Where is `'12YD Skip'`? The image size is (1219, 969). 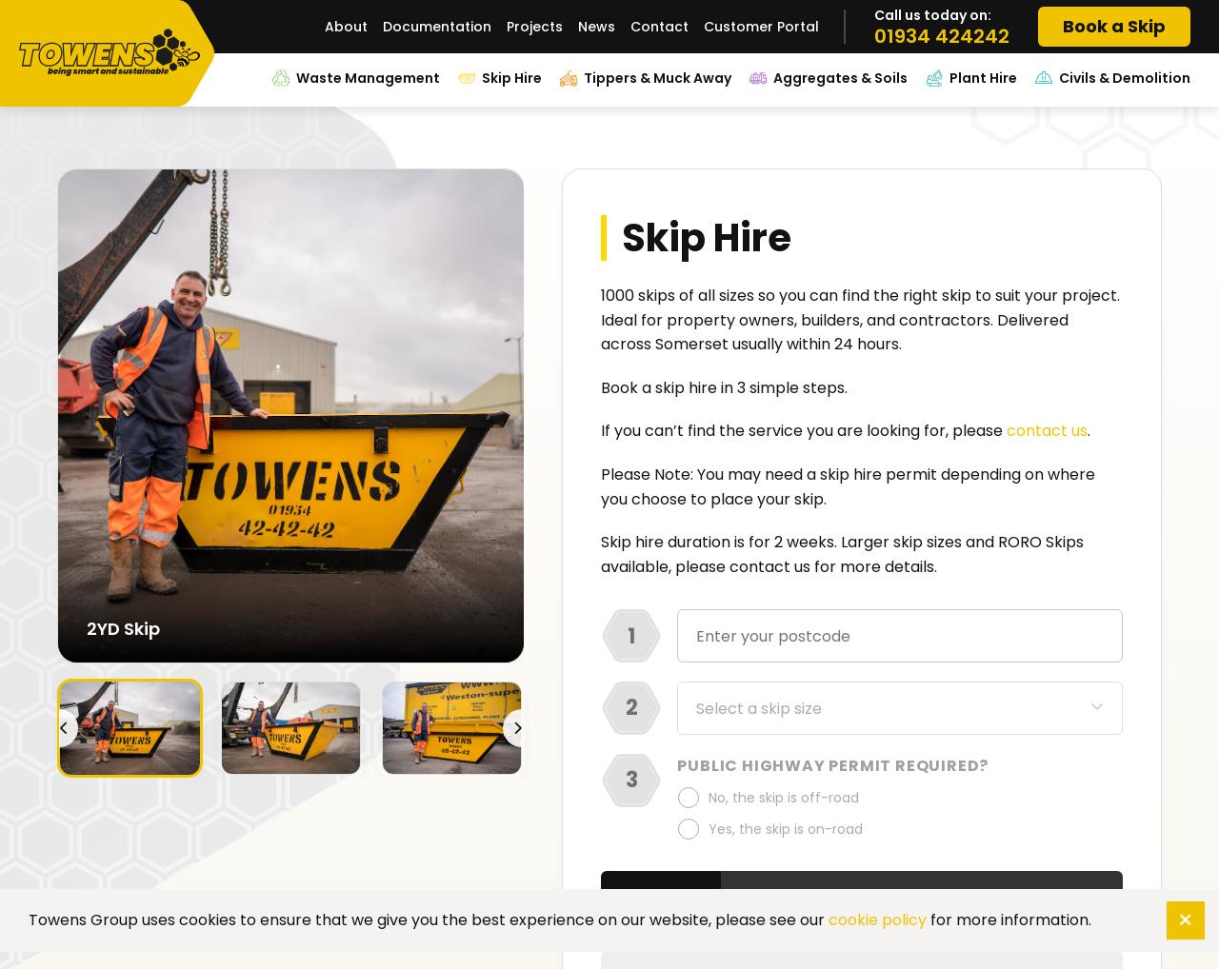 '12YD Skip' is located at coordinates (125, 627).